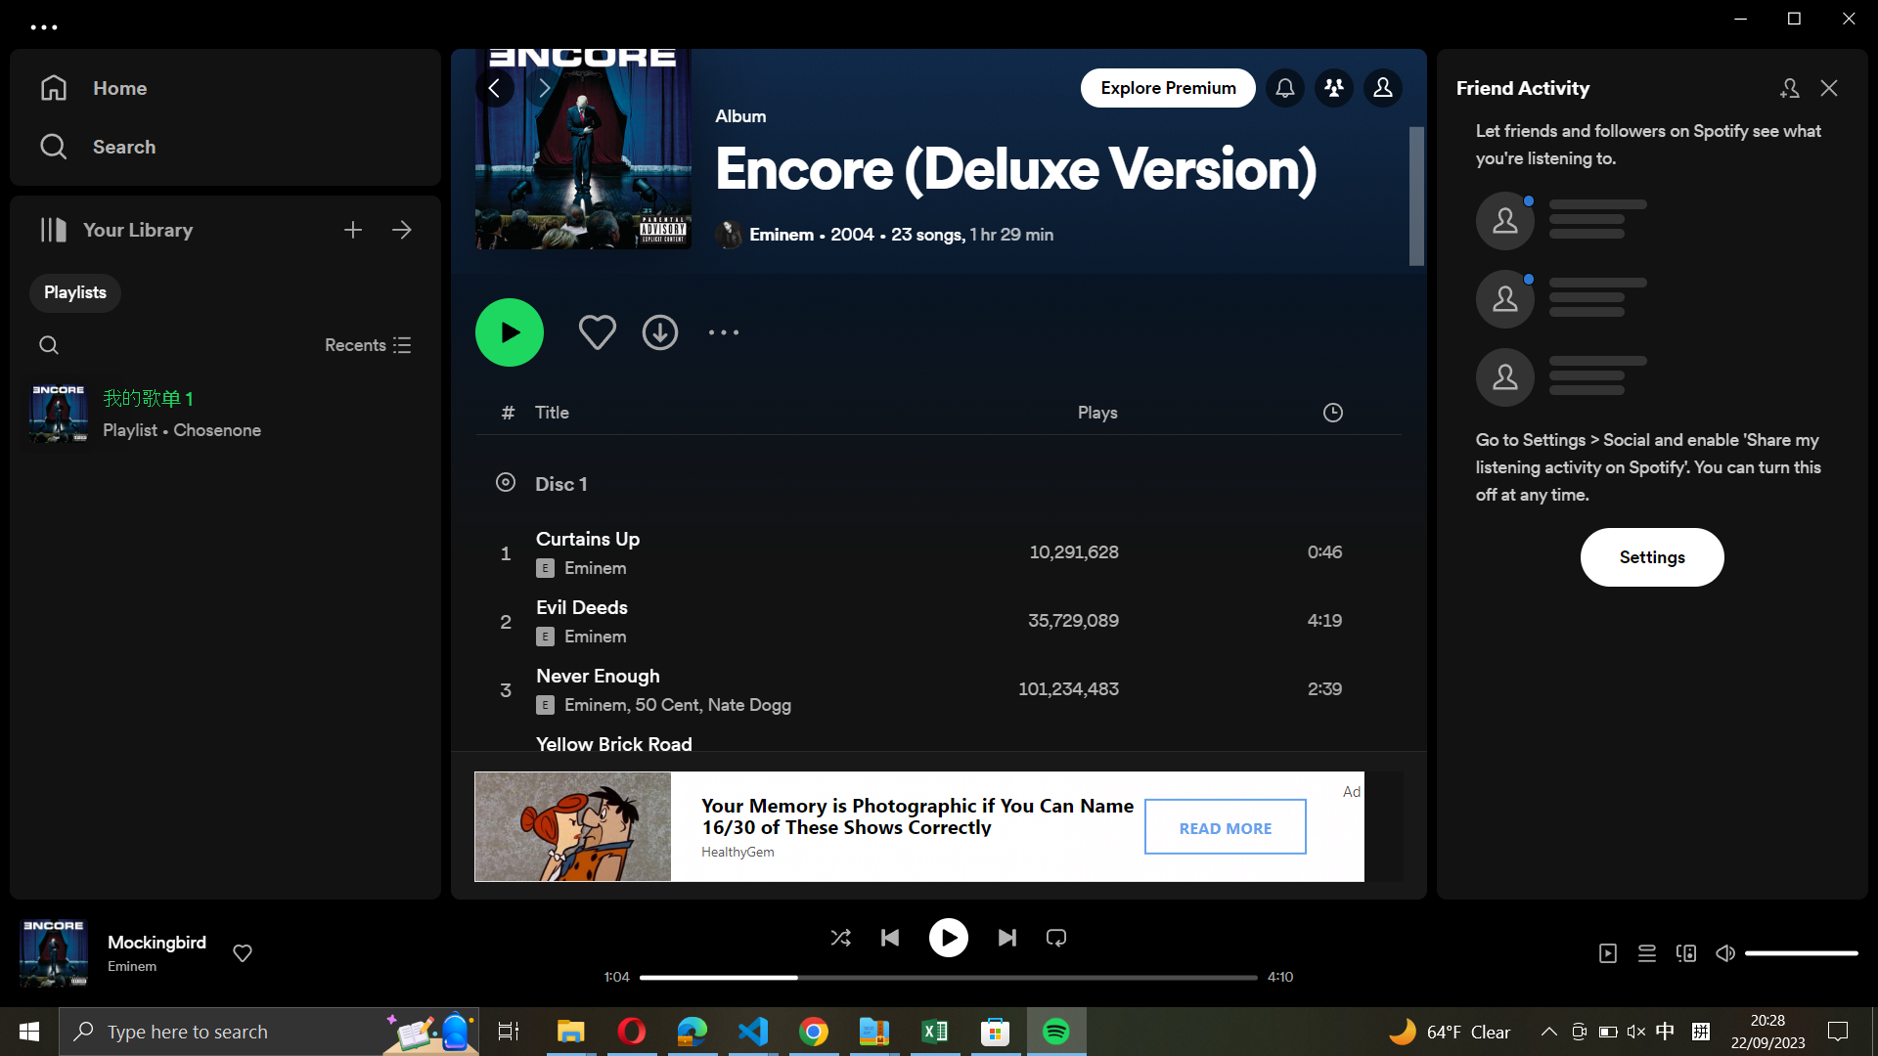 The image size is (1878, 1056). What do you see at coordinates (661, 329) in the screenshot?
I see `the download for the playlist` at bounding box center [661, 329].